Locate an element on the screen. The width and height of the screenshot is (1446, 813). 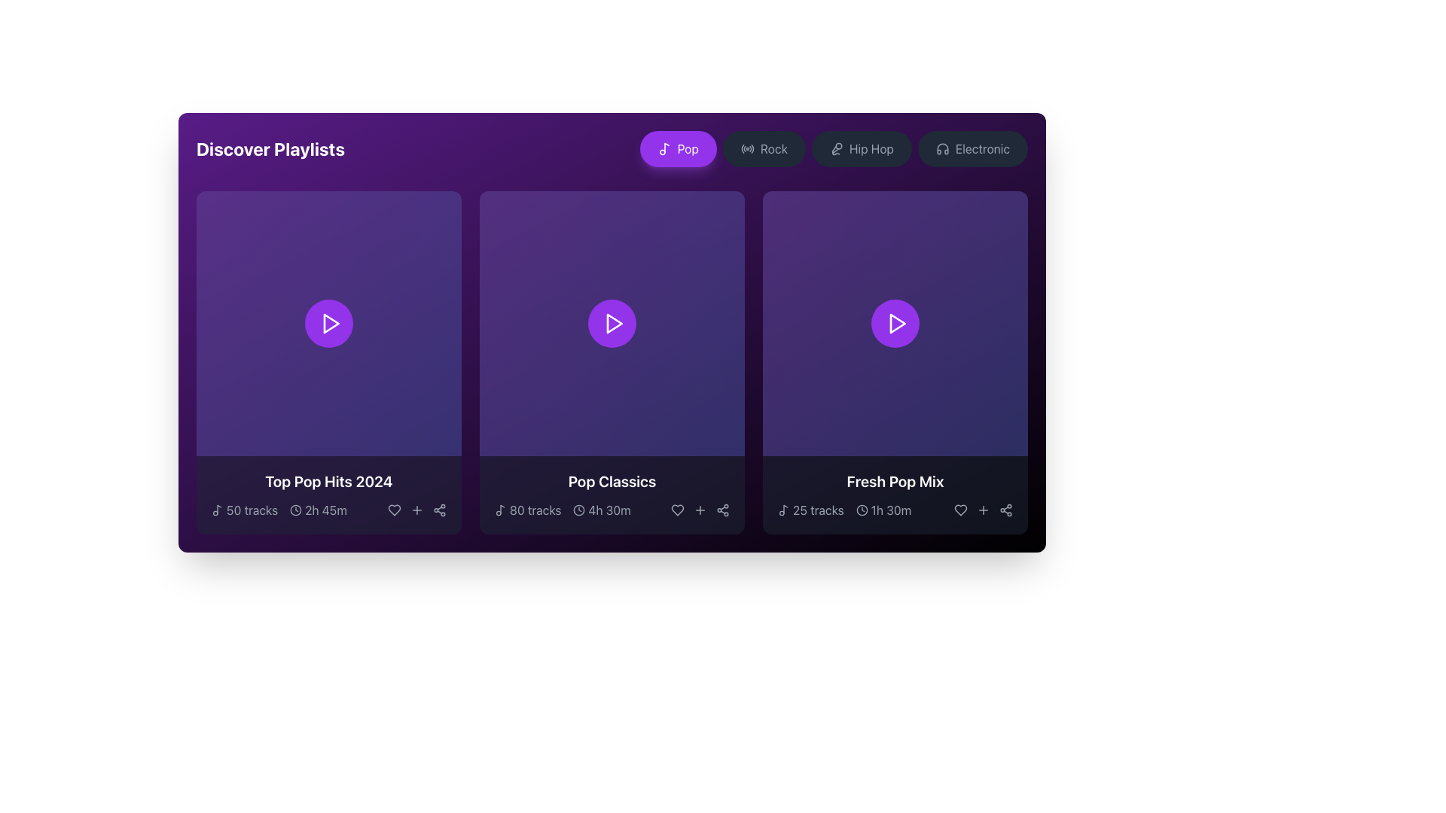
the icon component that visually represents 'tracks' located before the text '80 tracks' under the 'Pop Classics' playlist is located at coordinates (502, 508).